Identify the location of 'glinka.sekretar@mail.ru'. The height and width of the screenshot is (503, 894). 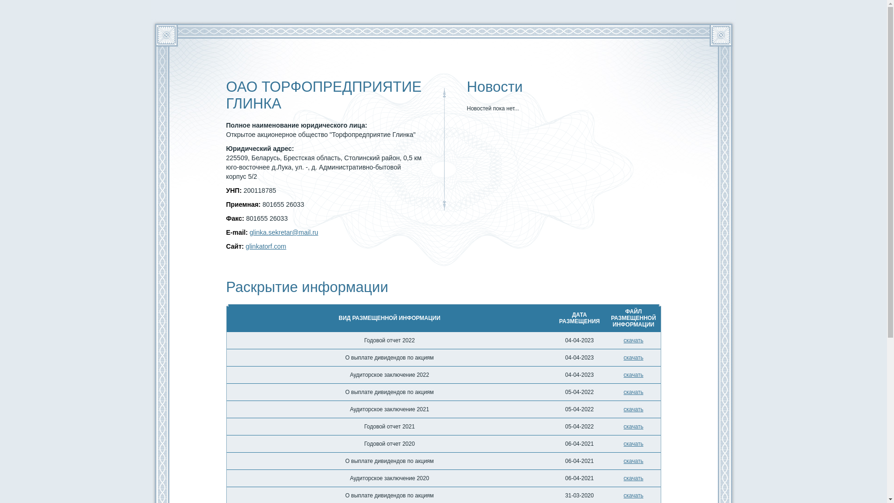
(283, 231).